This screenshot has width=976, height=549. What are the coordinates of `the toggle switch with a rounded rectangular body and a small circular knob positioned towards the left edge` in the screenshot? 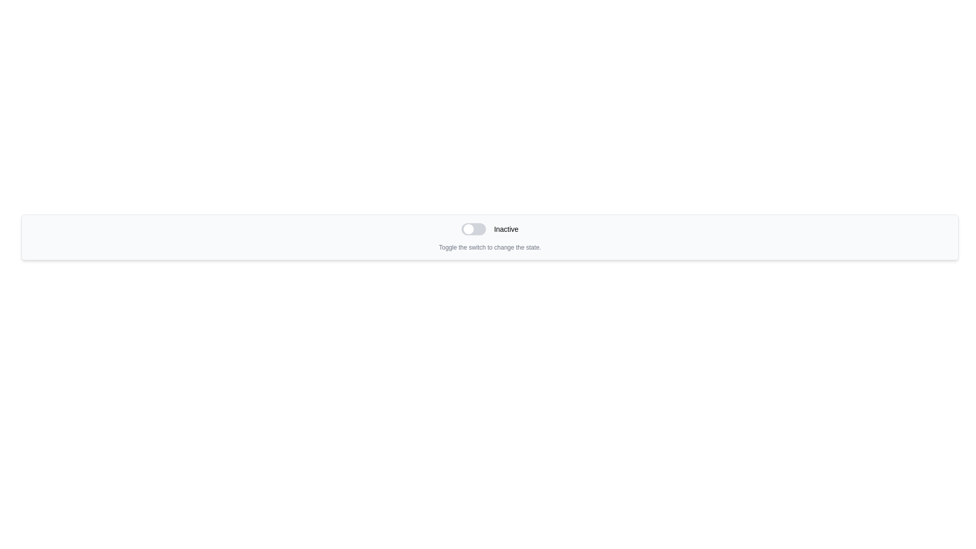 It's located at (473, 229).